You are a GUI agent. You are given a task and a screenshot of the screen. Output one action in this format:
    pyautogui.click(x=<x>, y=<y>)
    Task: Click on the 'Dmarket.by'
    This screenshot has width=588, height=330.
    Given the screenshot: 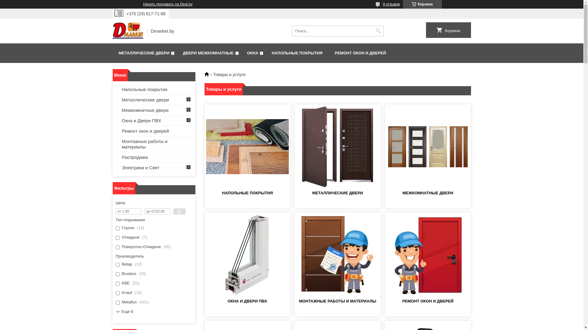 What is the action you would take?
    pyautogui.click(x=127, y=31)
    